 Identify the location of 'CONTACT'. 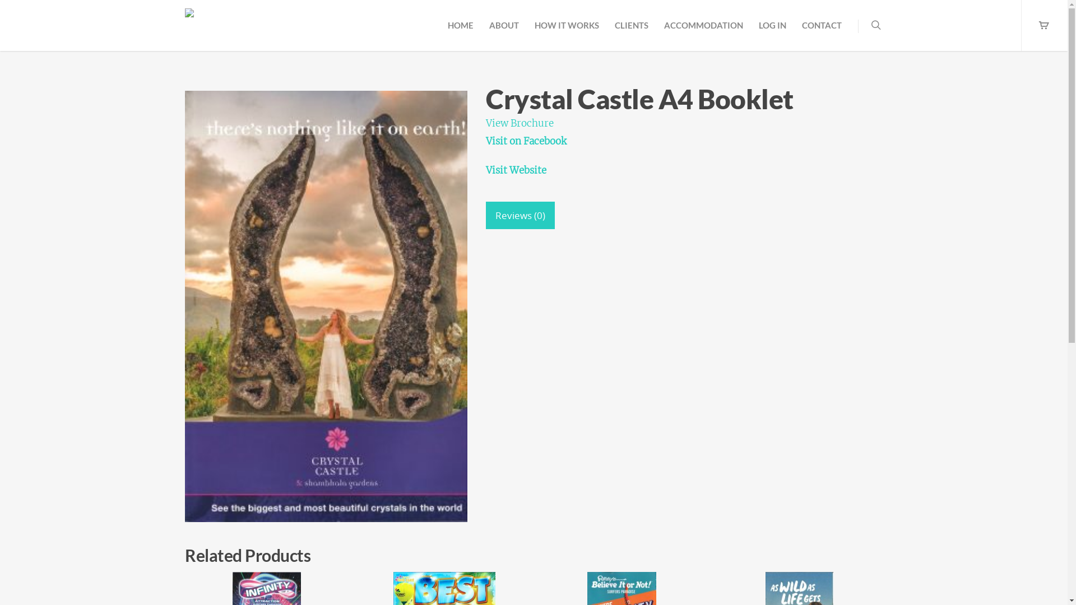
(822, 29).